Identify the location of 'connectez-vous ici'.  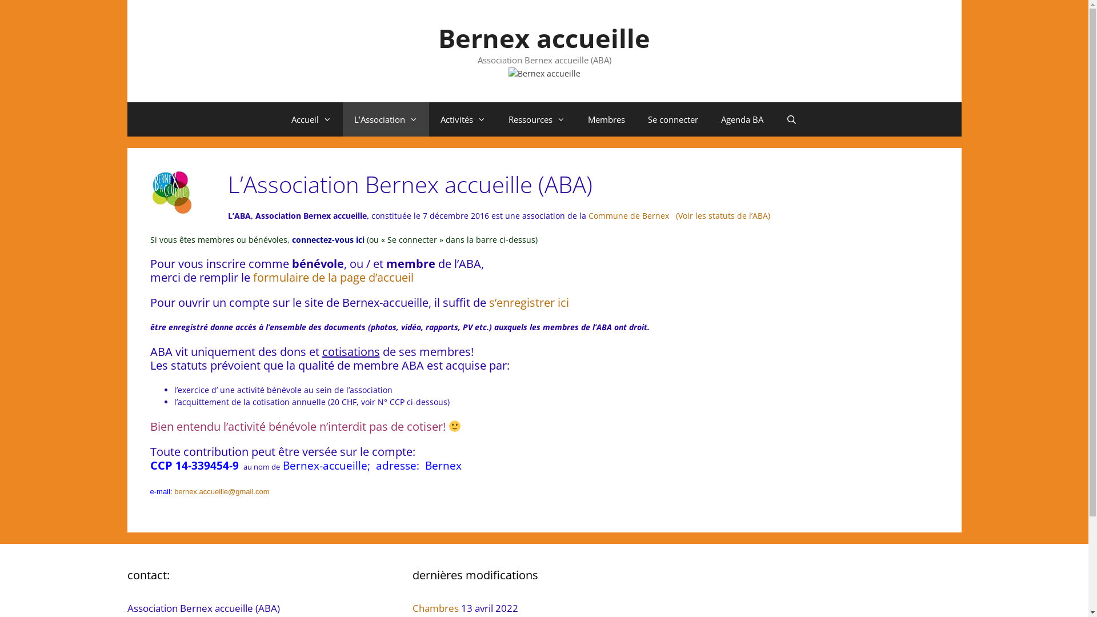
(328, 239).